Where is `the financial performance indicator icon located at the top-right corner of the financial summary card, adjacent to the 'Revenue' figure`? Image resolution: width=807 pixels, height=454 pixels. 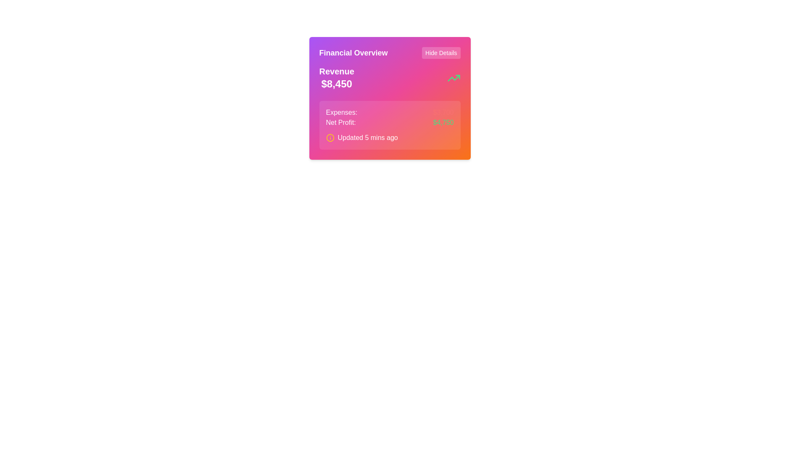 the financial performance indicator icon located at the top-right corner of the financial summary card, adjacent to the 'Revenue' figure is located at coordinates (453, 78).